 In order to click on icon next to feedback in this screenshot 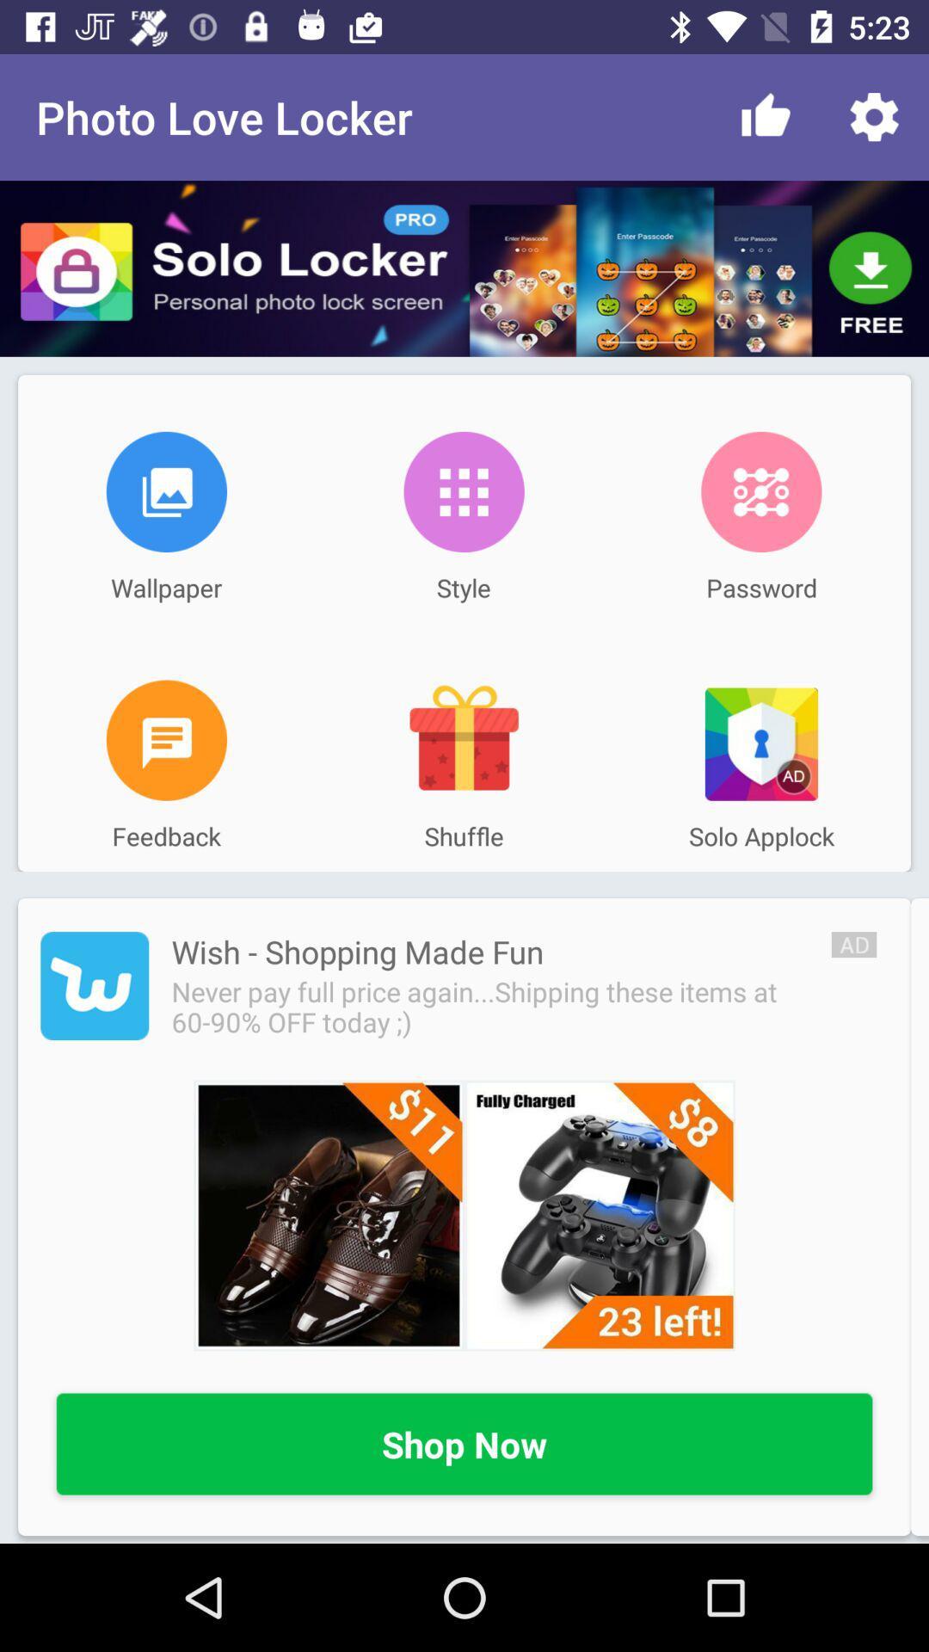, I will do `click(463, 740)`.